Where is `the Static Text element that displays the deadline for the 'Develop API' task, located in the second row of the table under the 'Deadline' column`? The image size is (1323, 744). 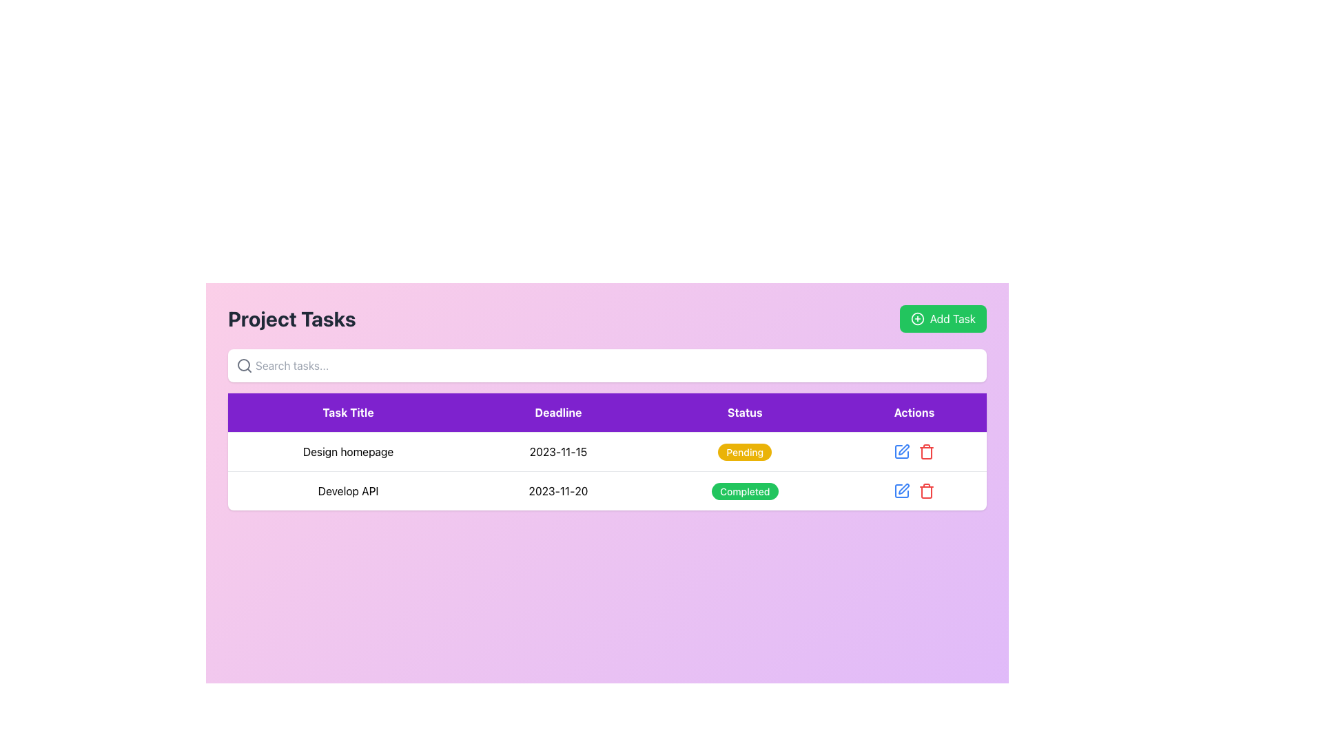 the Static Text element that displays the deadline for the 'Develop API' task, located in the second row of the table under the 'Deadline' column is located at coordinates (558, 490).